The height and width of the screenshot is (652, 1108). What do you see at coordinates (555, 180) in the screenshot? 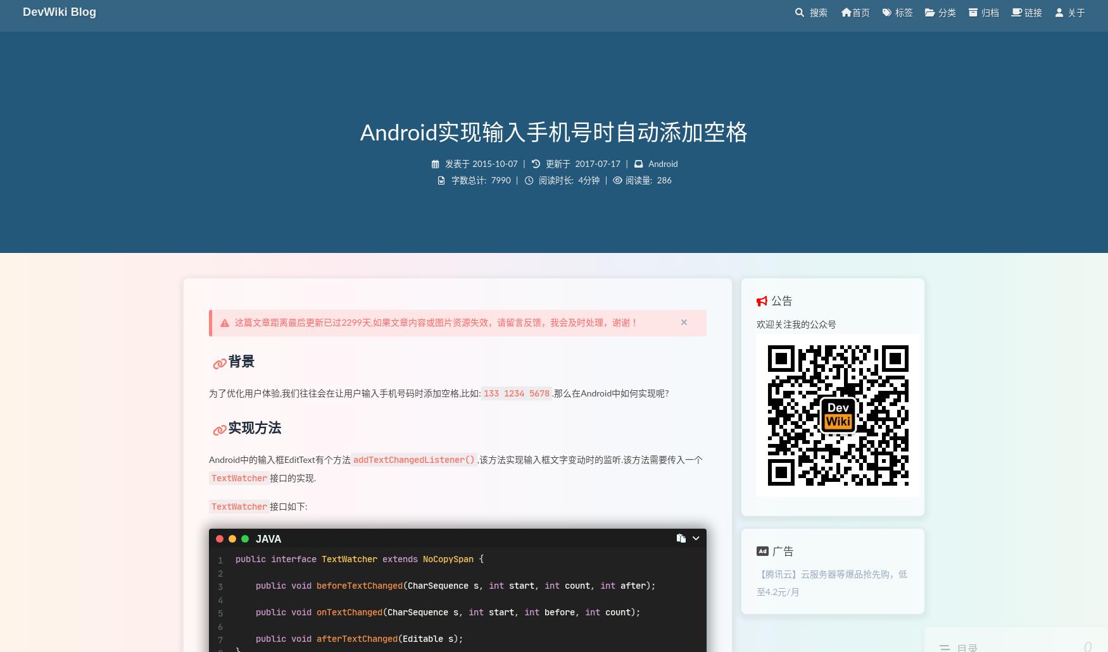
I see `'阅读时长:'` at bounding box center [555, 180].